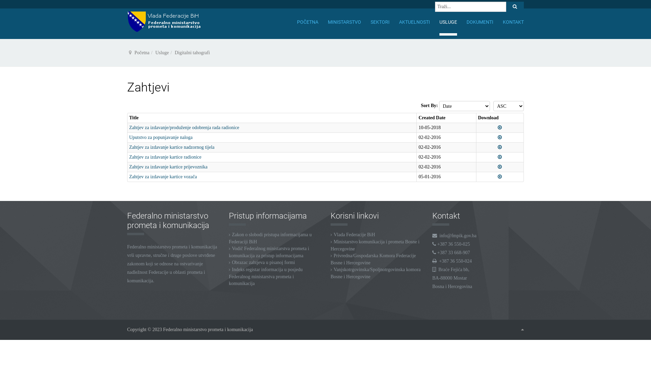  Describe the element at coordinates (270, 238) in the screenshot. I see `'Zakon o slobodi pristupa informacijama u Federaciji BiH'` at that location.